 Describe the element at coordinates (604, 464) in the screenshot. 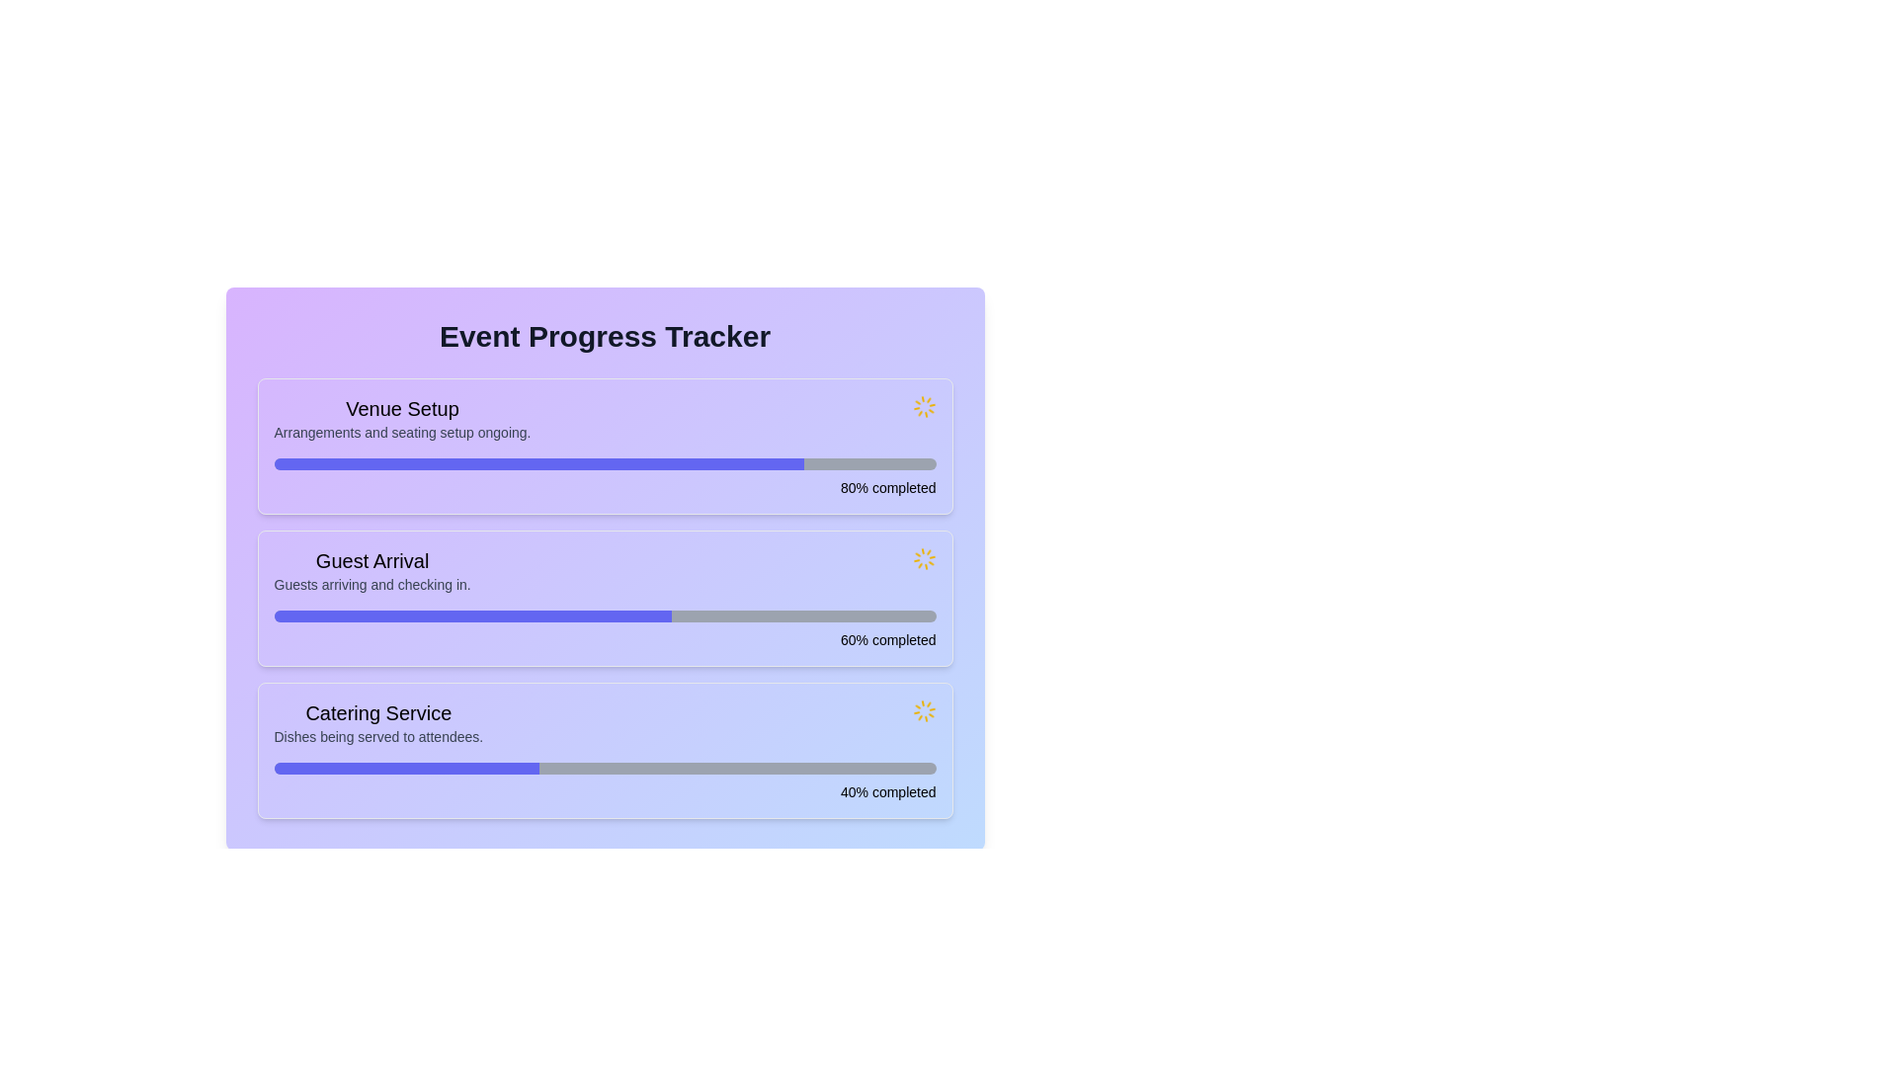

I see `the horizontal progress indicator bar located under the text 'Venue Setup', which is a filled indigo and gray bar within a bordered, rounded rectangle` at that location.